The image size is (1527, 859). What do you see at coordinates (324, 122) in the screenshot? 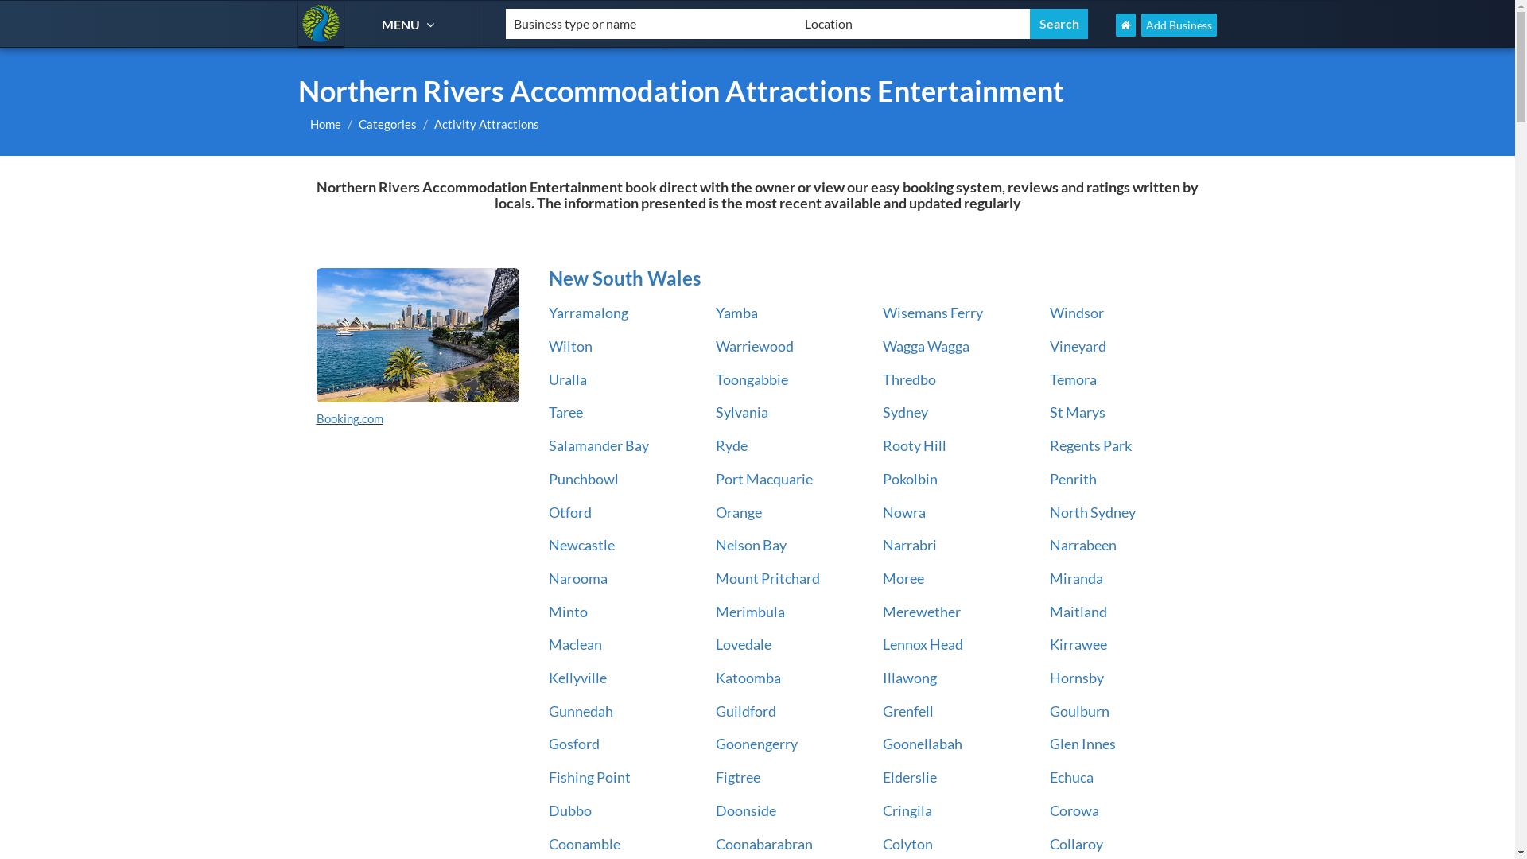
I see `'Home'` at bounding box center [324, 122].